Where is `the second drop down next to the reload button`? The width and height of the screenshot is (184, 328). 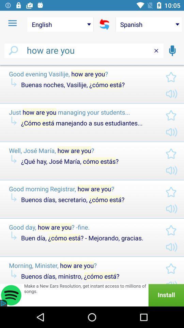
the second drop down next to the reload button is located at coordinates (148, 25).